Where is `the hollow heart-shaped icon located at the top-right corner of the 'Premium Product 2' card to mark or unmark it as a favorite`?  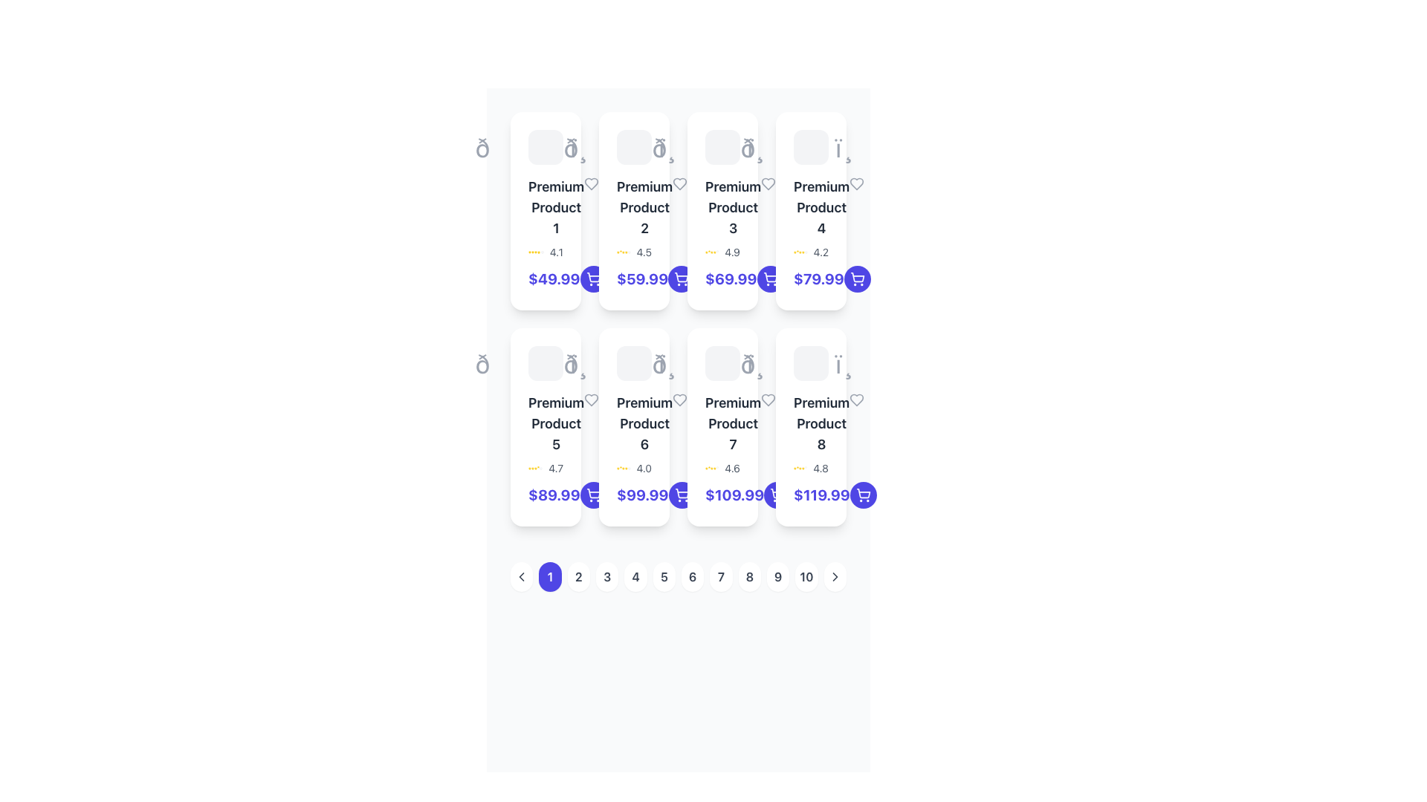 the hollow heart-shaped icon located at the top-right corner of the 'Premium Product 2' card to mark or unmark it as a favorite is located at coordinates (679, 183).